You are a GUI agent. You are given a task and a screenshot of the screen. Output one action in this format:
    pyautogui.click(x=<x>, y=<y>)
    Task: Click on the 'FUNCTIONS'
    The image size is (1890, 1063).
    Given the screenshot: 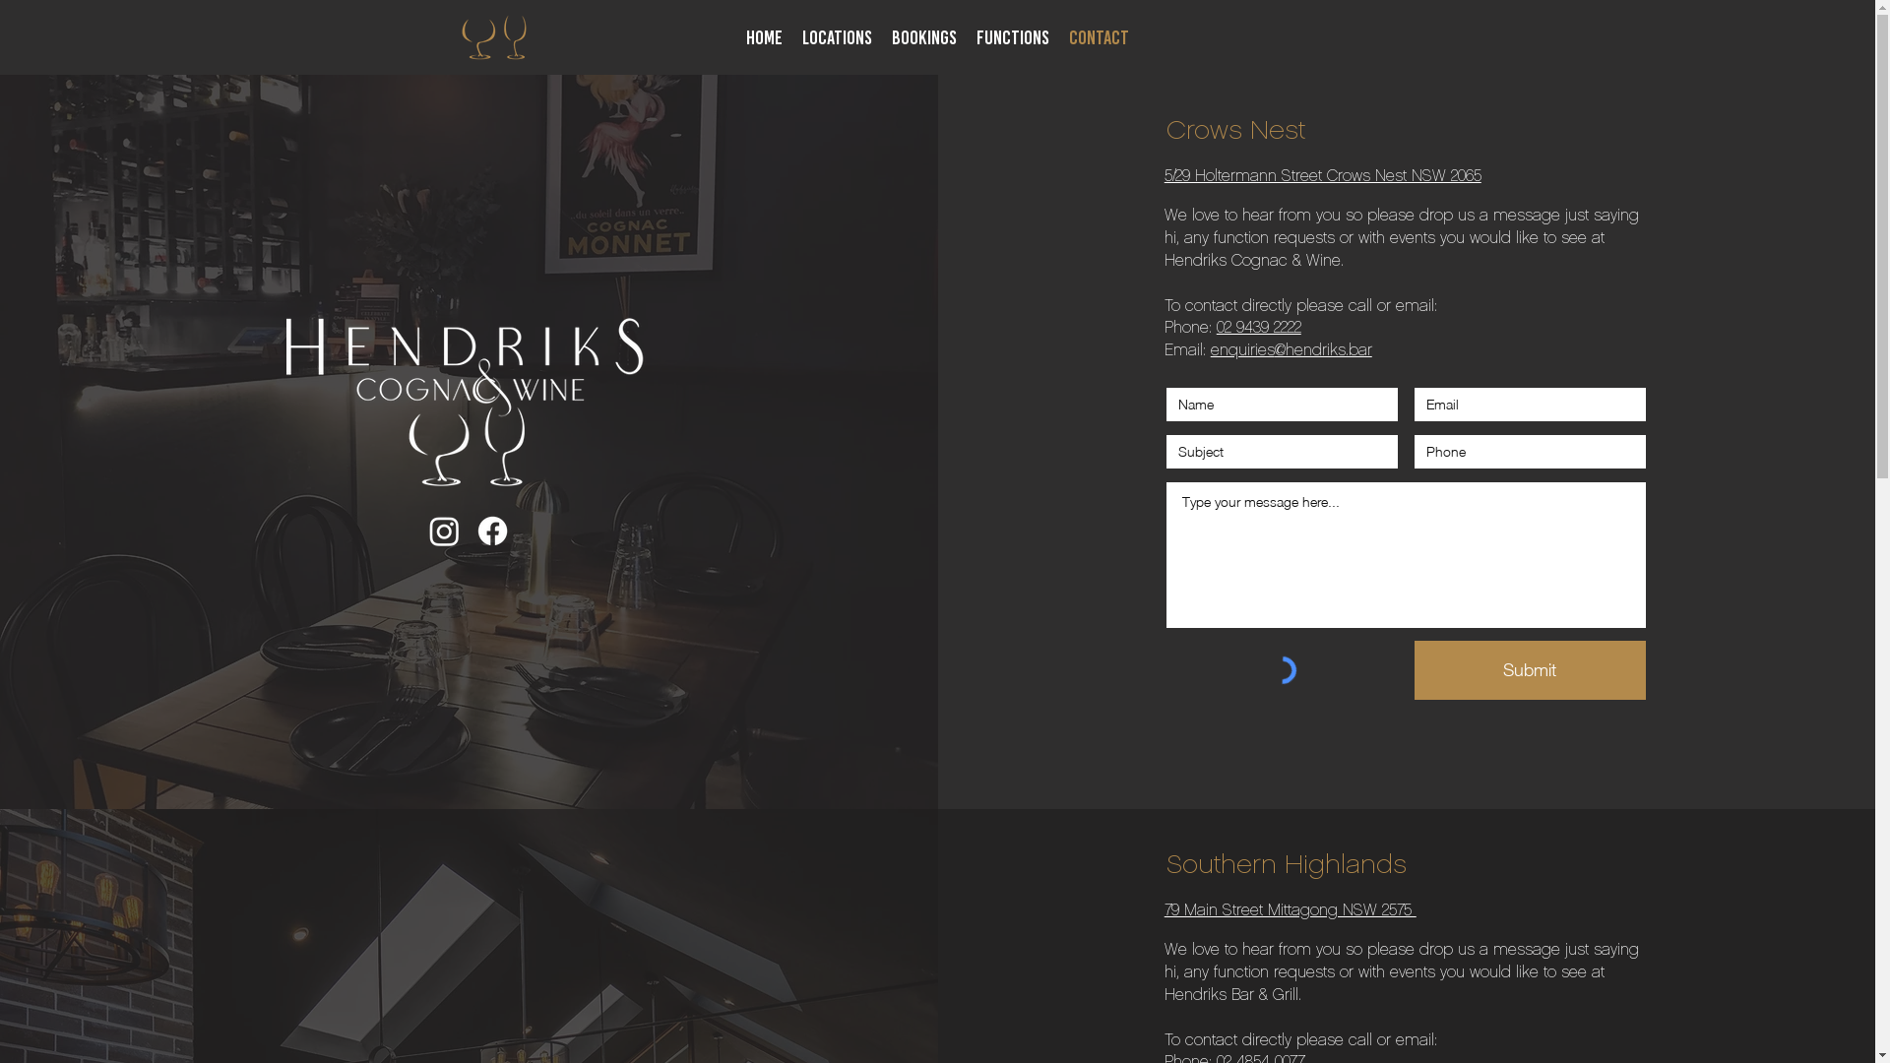 What is the action you would take?
    pyautogui.click(x=967, y=37)
    